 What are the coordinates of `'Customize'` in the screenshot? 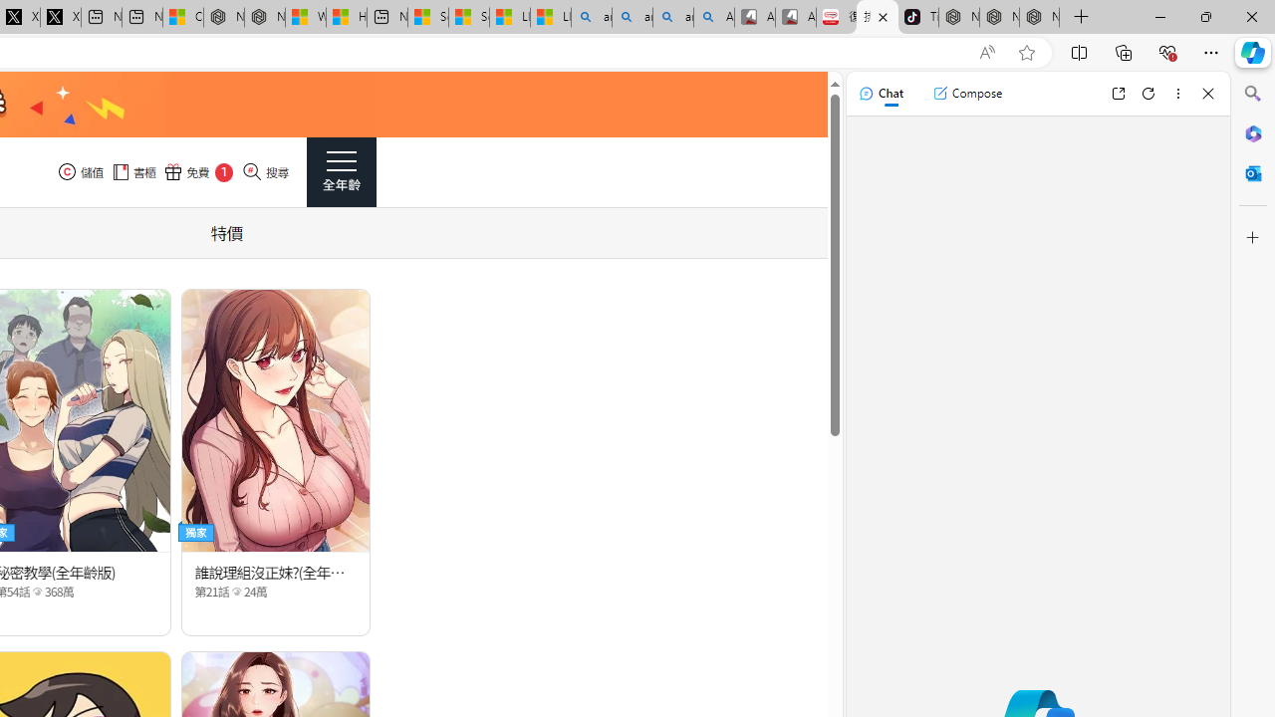 It's located at (1252, 237).